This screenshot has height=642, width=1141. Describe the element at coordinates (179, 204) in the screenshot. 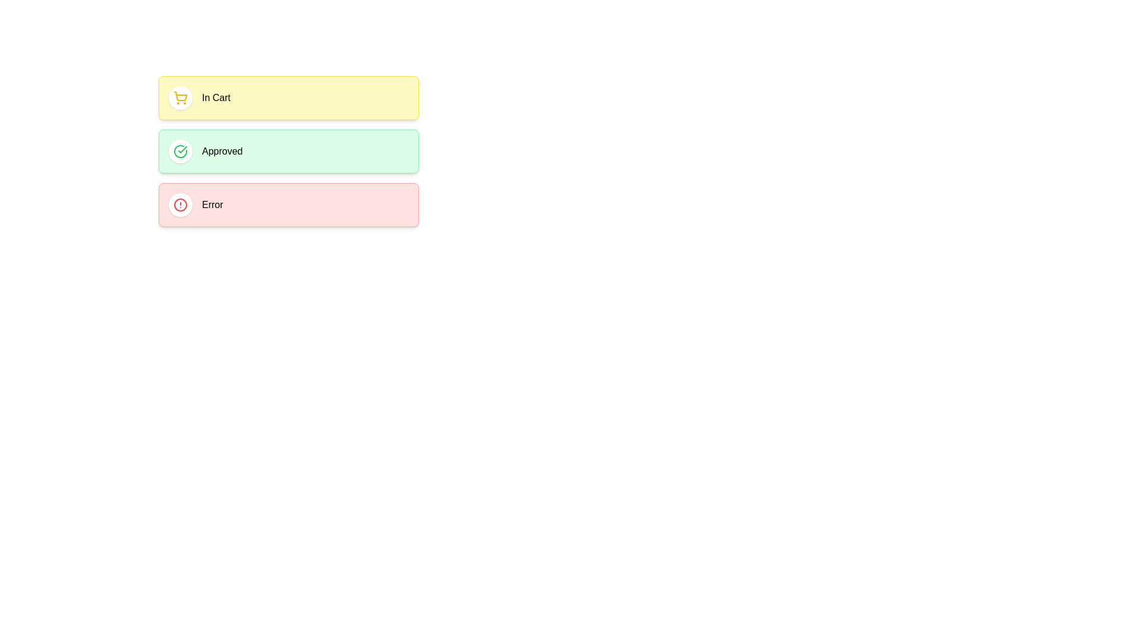

I see `the red error icon located on the left side of the 'Error' card, which is the third card from the top in the vertical list` at that location.